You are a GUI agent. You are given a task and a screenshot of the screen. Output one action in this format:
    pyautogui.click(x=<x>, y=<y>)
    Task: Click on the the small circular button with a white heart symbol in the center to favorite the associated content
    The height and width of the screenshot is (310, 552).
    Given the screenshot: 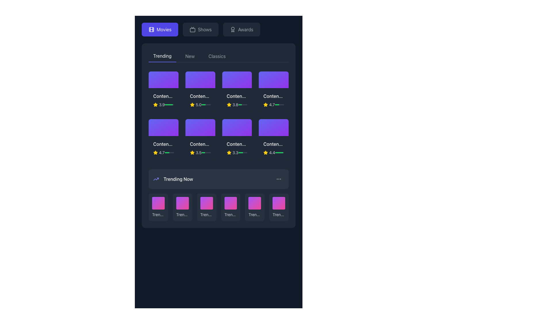 What is the action you would take?
    pyautogui.click(x=283, y=77)
    